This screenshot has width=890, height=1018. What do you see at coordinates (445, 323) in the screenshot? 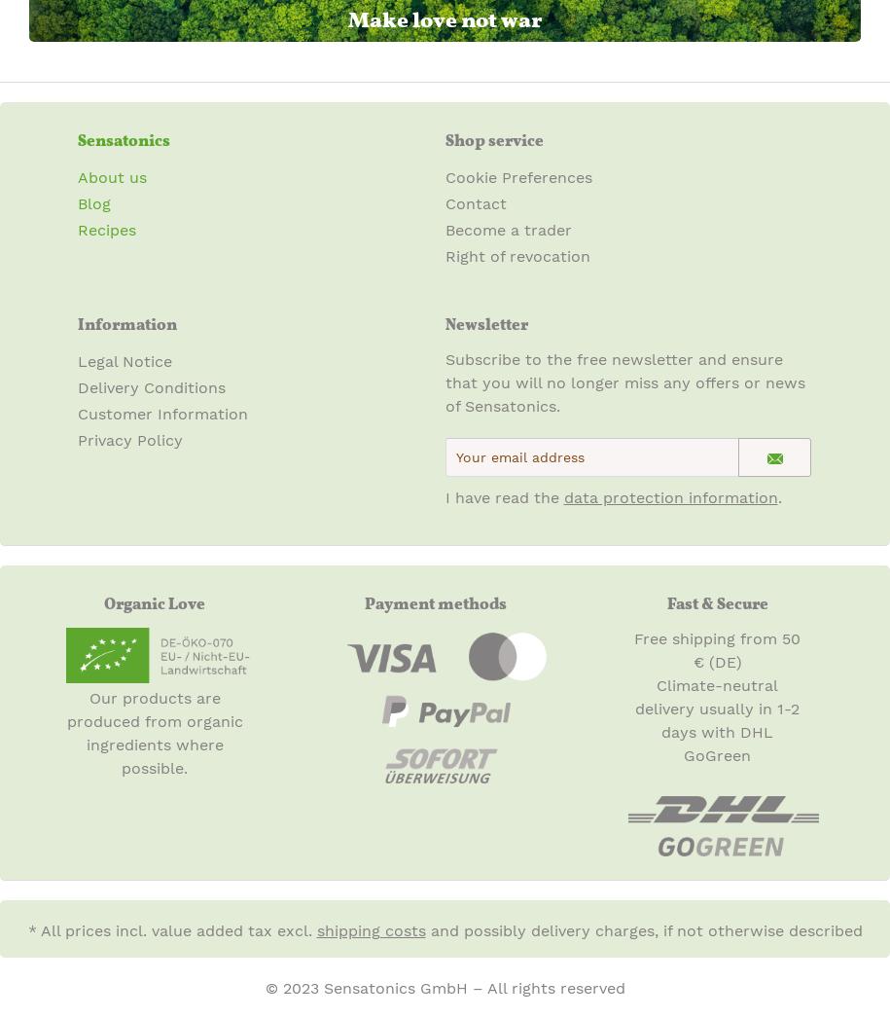
I see `'Newsletter'` at bounding box center [445, 323].